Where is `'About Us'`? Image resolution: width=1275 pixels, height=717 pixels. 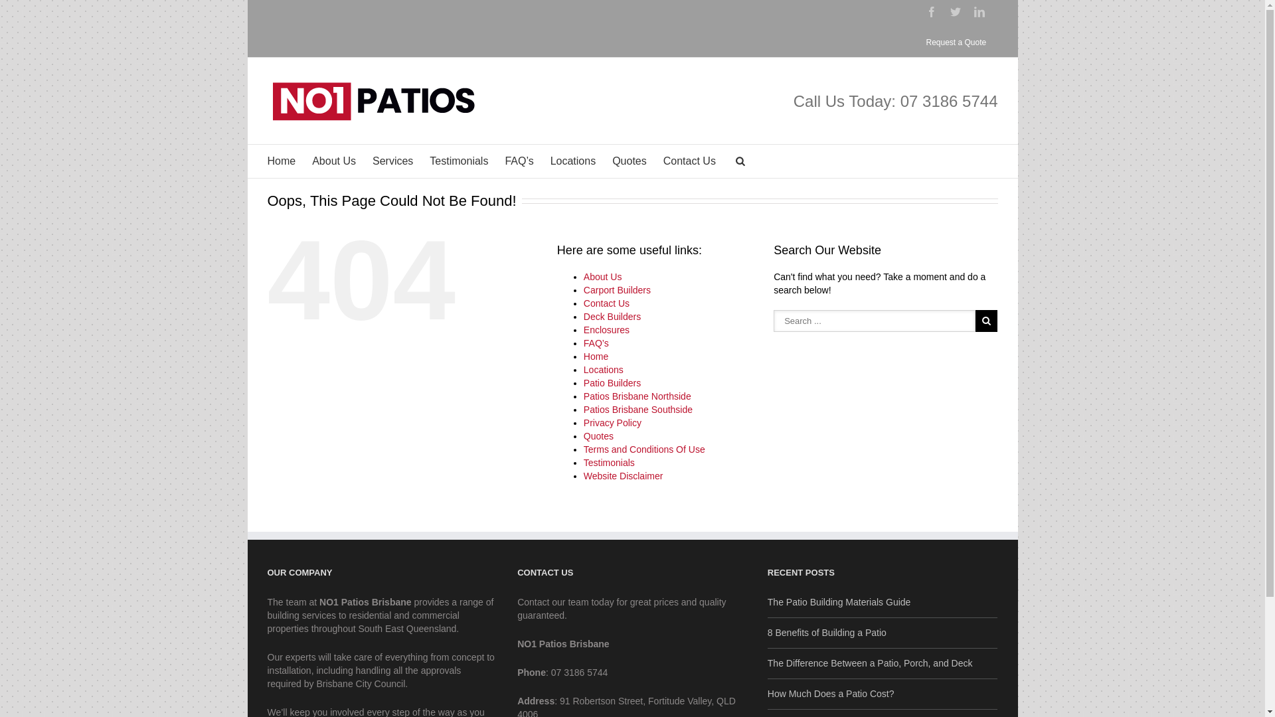
'About Us' is located at coordinates (602, 276).